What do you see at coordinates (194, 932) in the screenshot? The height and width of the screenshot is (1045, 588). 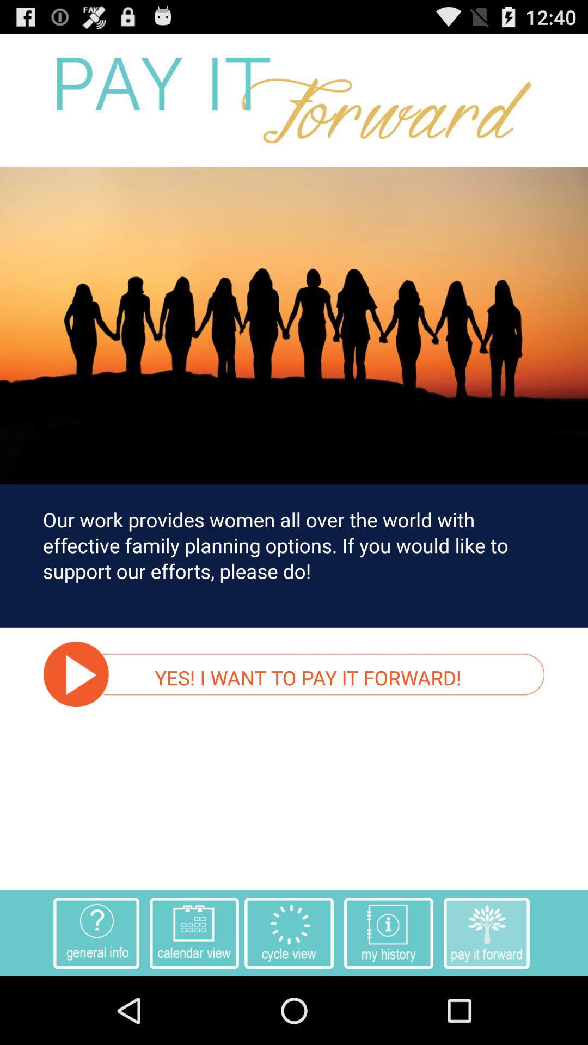 I see `the second button which is at the bottom of the page` at bounding box center [194, 932].